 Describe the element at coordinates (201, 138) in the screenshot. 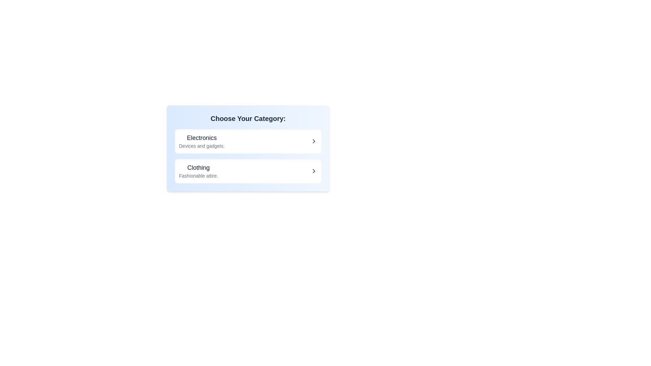

I see `the prominent text label element reading 'Electronics', which is styled in bold and larger font, positioned above the descriptive text 'Devices and gadgets.'` at that location.